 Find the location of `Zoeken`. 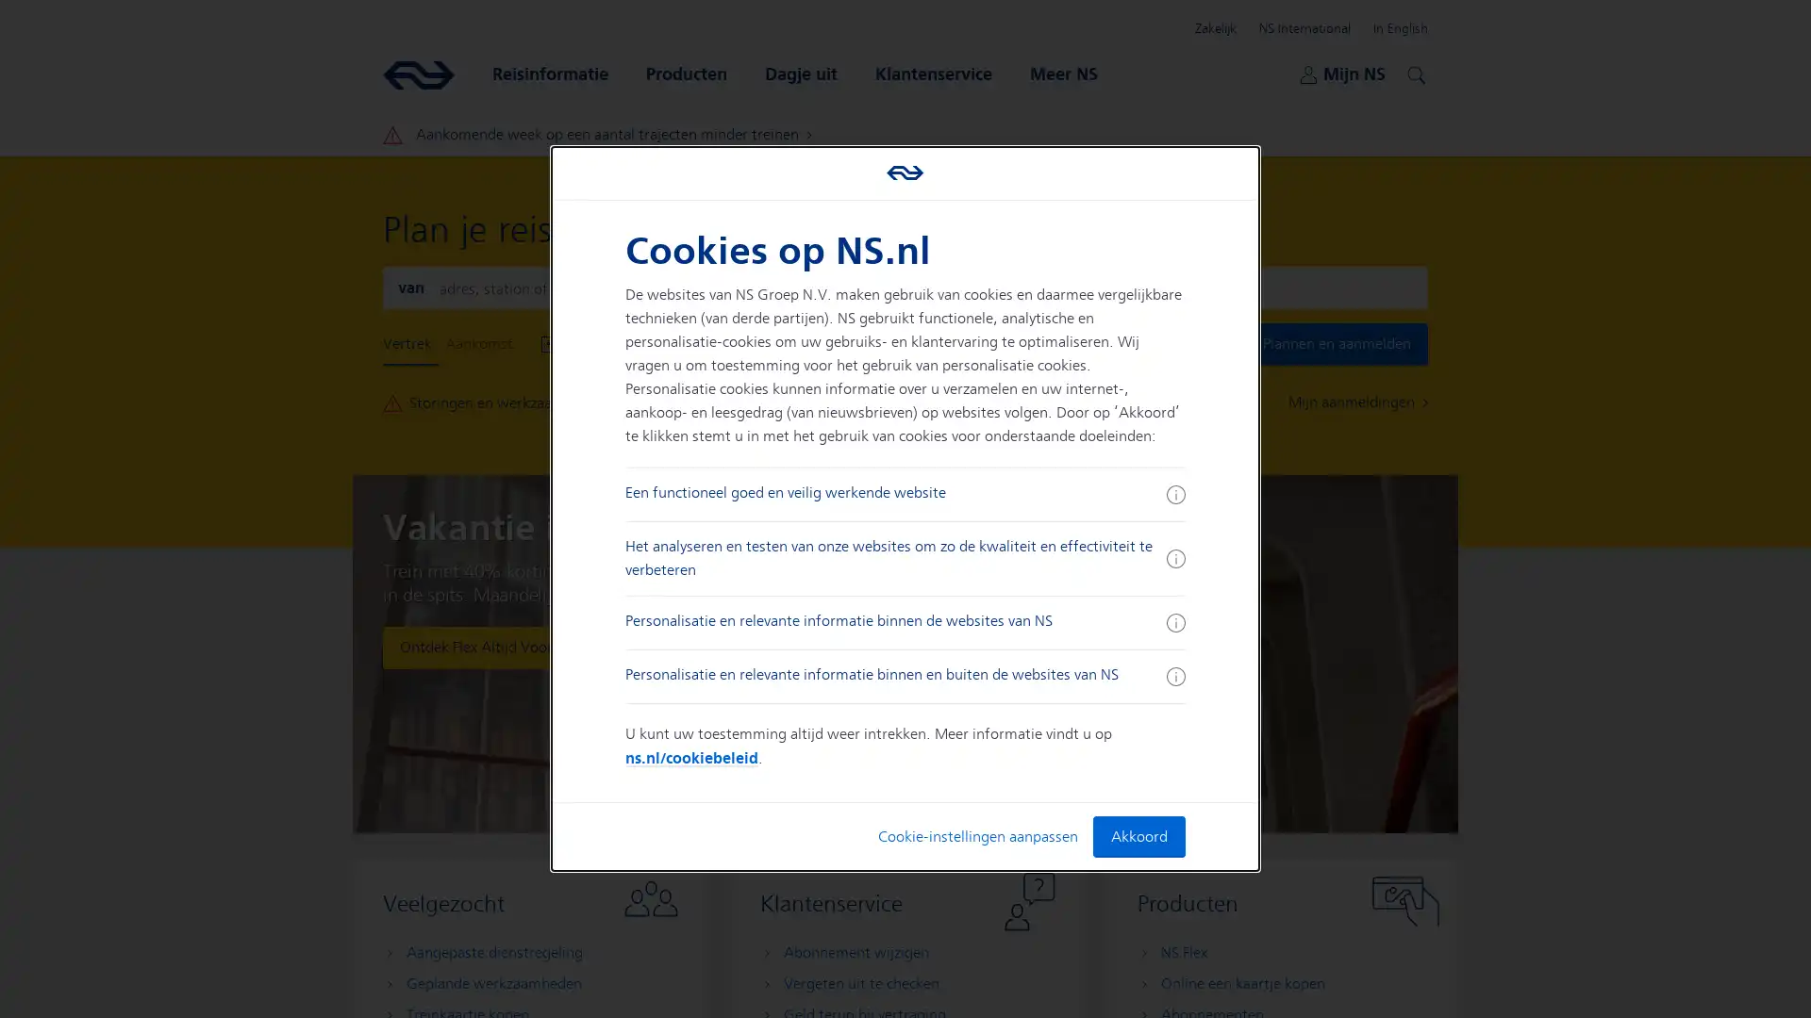

Zoeken is located at coordinates (1413, 72).